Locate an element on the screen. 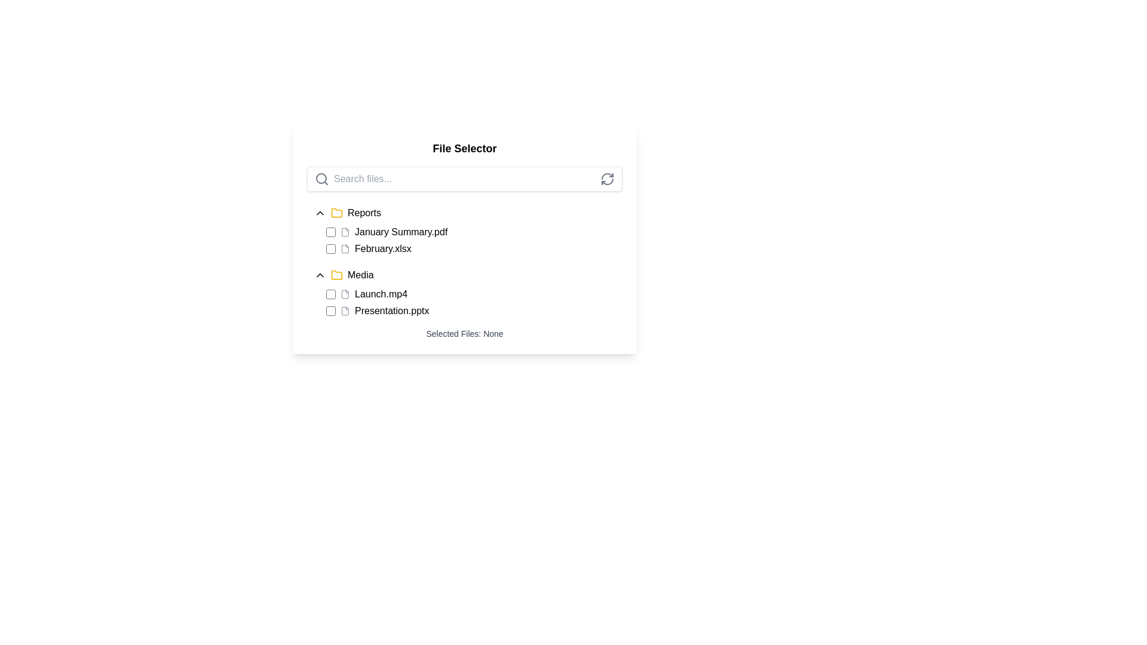 Image resolution: width=1147 pixels, height=645 pixels. the small rectangular icon resembling a document file shape, which has a gray color and minimalistic outline, located to the left of the text 'January Summary.pdf' in the 'Reports' section of the file selector interface is located at coordinates (344, 232).